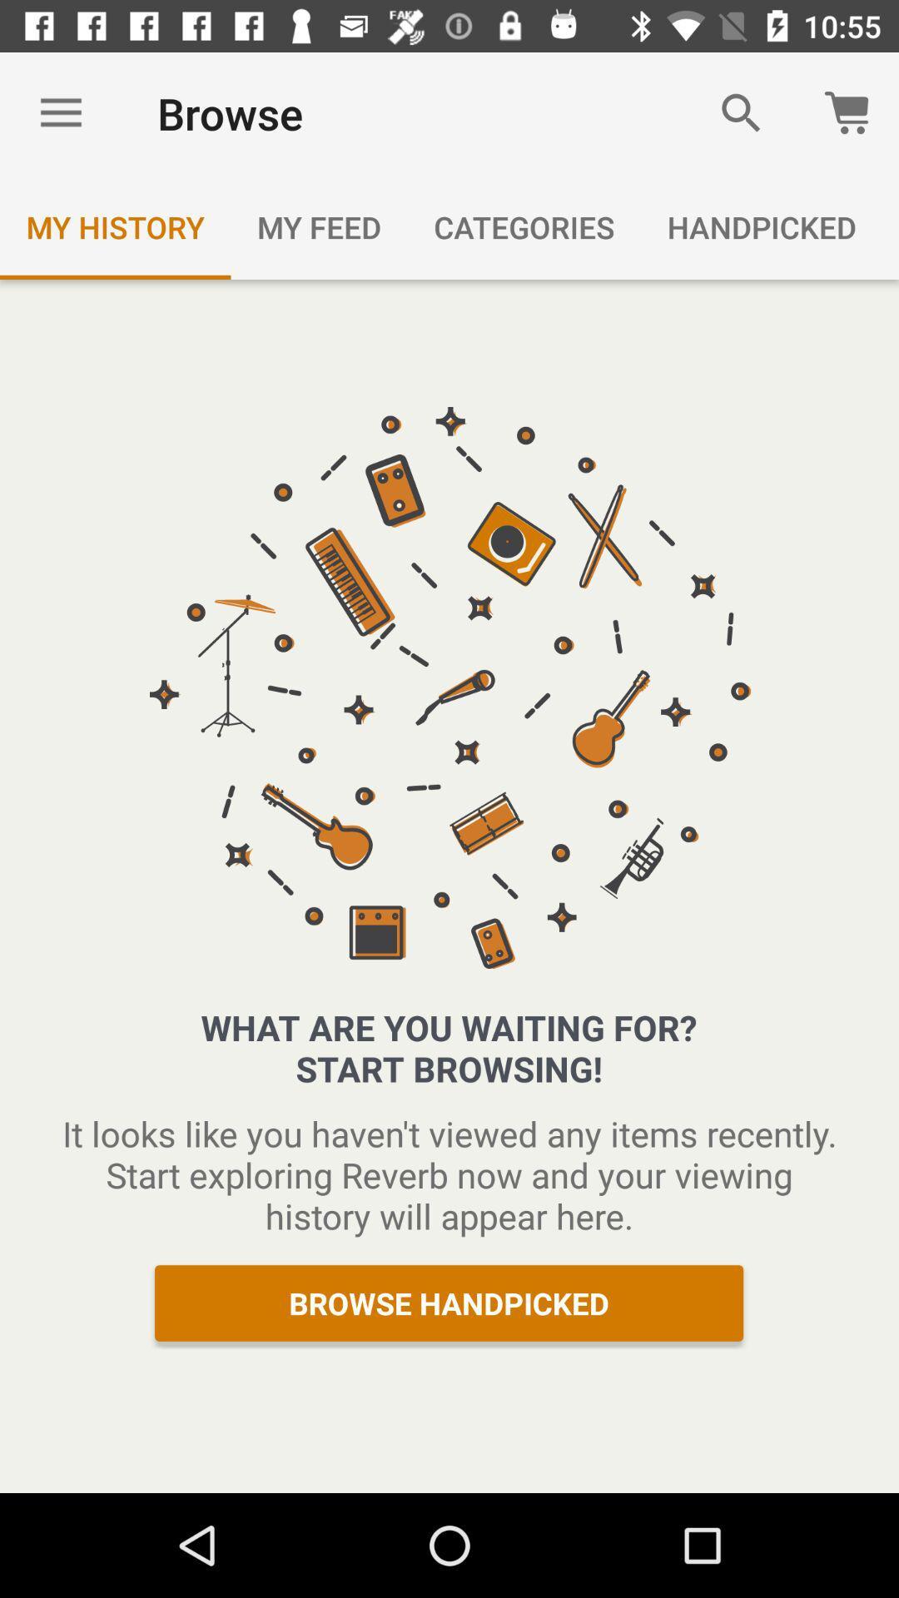 The height and width of the screenshot is (1598, 899). Describe the element at coordinates (741, 112) in the screenshot. I see `item above handpicked` at that location.